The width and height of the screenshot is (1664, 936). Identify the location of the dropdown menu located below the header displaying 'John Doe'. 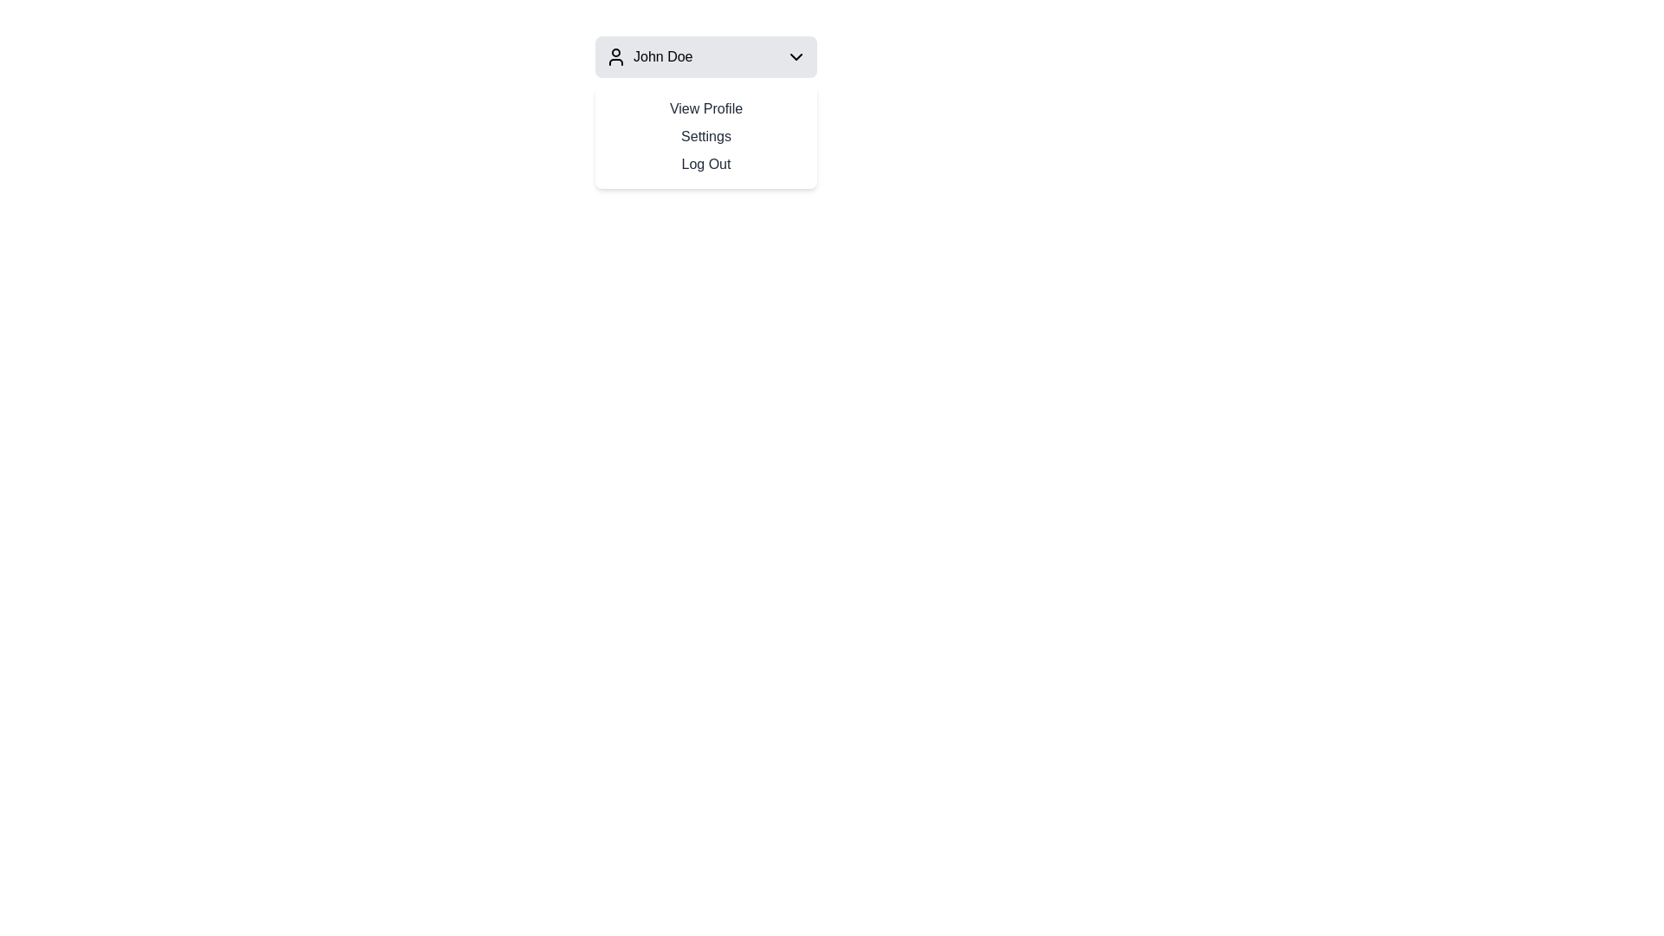
(706, 136).